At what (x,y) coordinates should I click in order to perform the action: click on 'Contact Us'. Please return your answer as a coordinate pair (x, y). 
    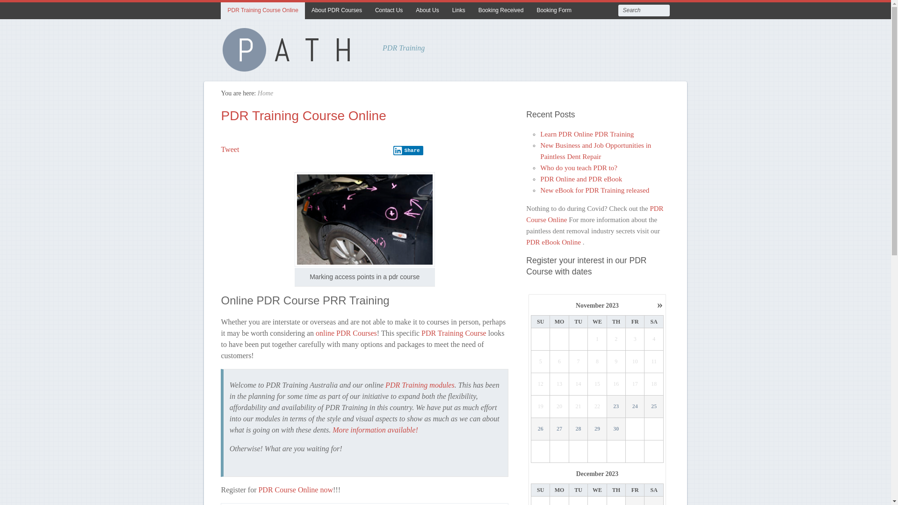
    Looking at the image, I should click on (389, 11).